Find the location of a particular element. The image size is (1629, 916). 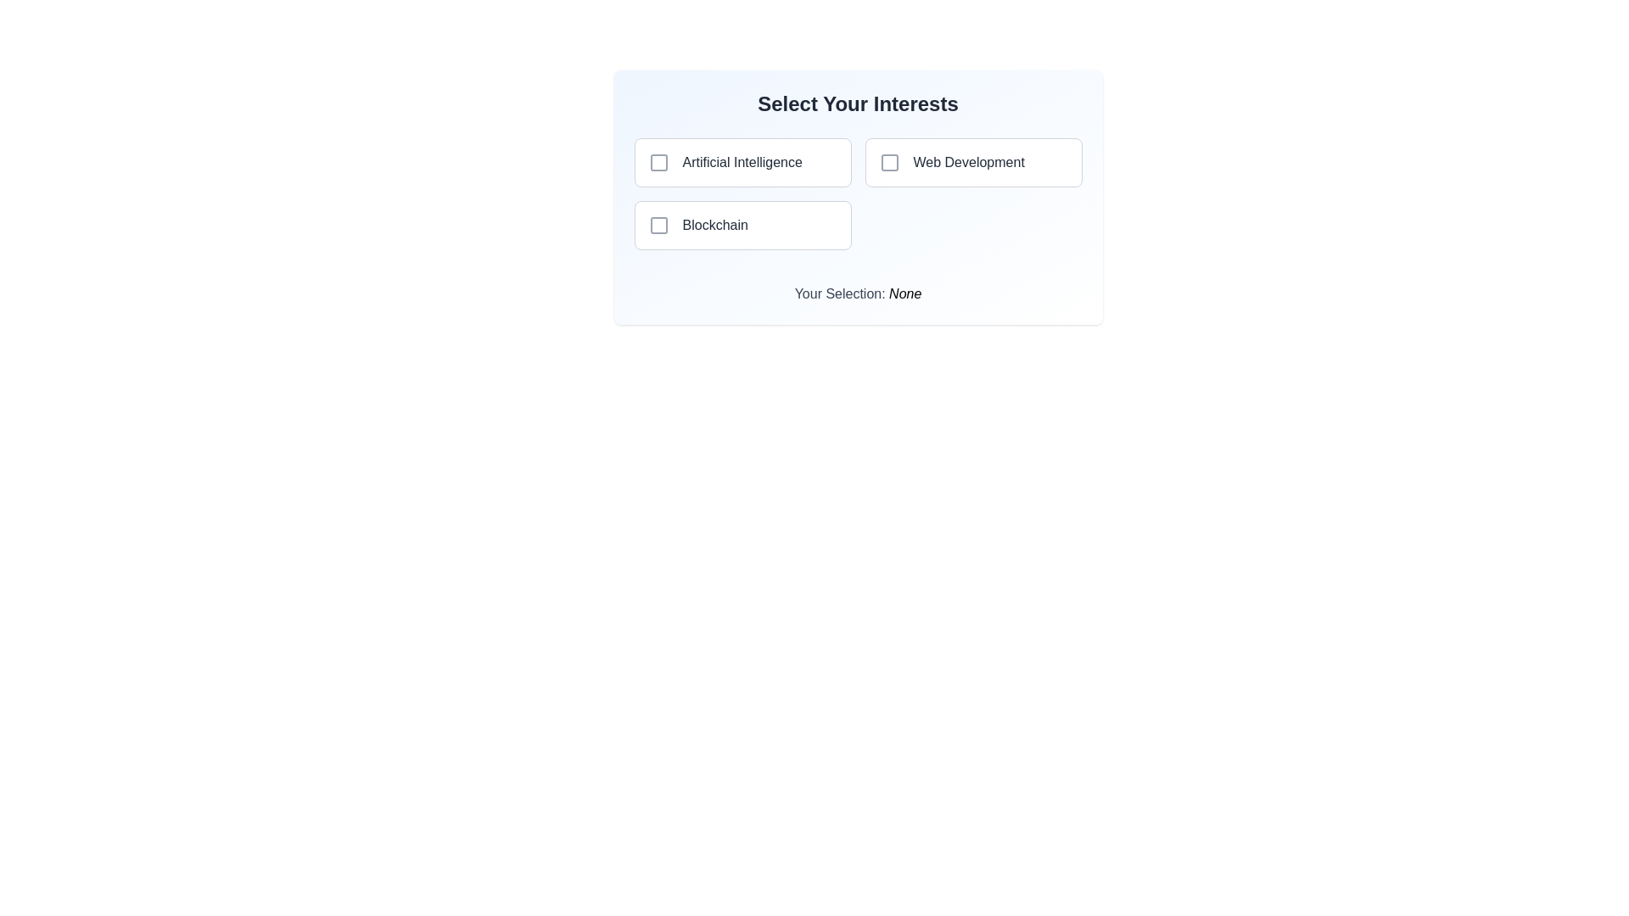

the SVG graphic indicating the selection status of the 'Artificial Intelligence' checkbox in the 'Select Your Interests' section is located at coordinates (658, 163).